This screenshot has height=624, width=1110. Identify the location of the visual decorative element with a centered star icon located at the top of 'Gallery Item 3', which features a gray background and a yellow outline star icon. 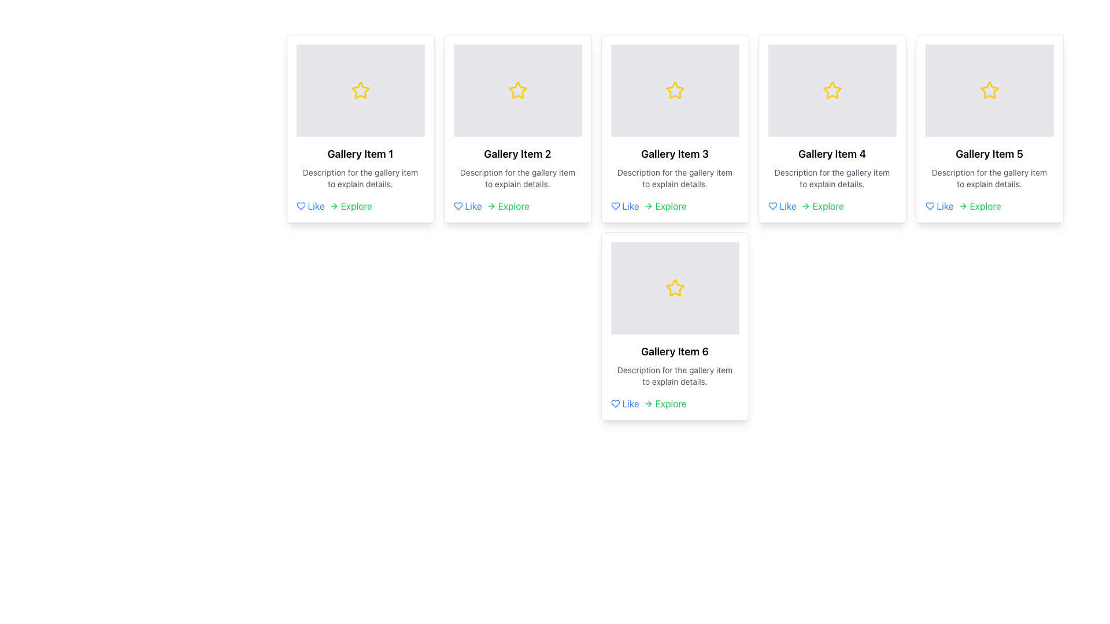
(675, 90).